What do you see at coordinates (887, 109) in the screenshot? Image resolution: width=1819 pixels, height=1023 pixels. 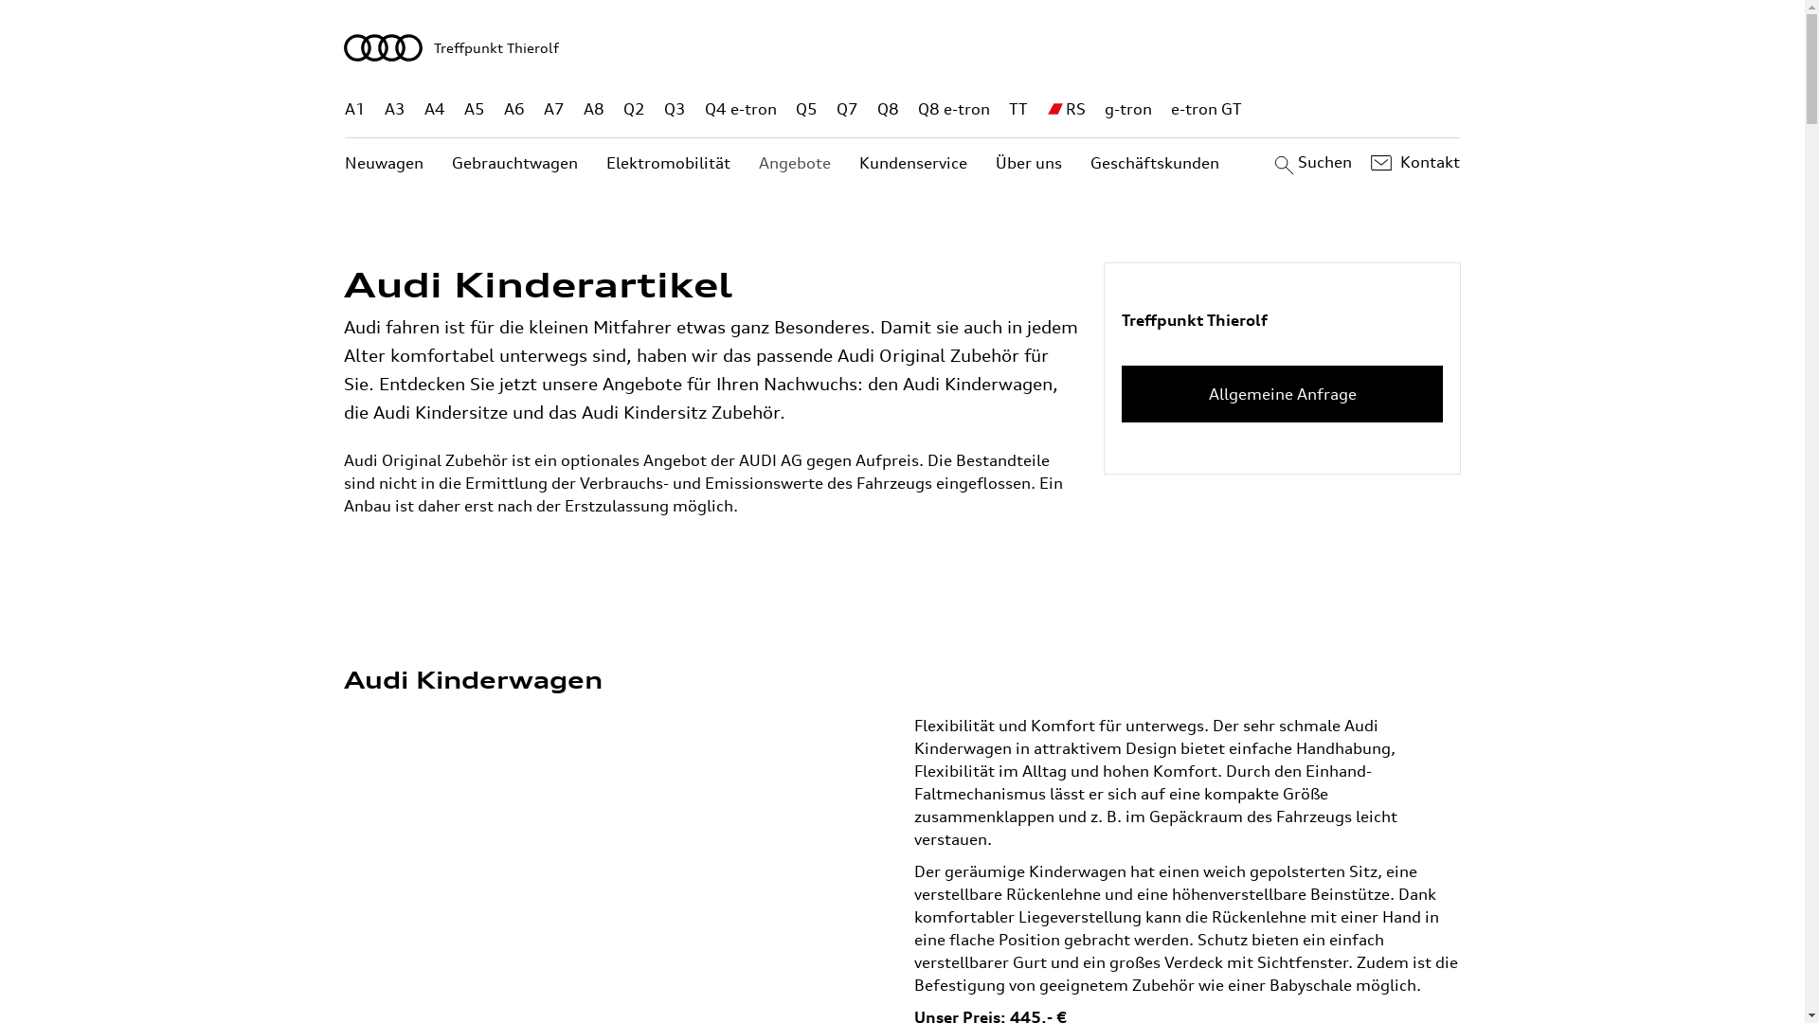 I see `'Q8'` at bounding box center [887, 109].